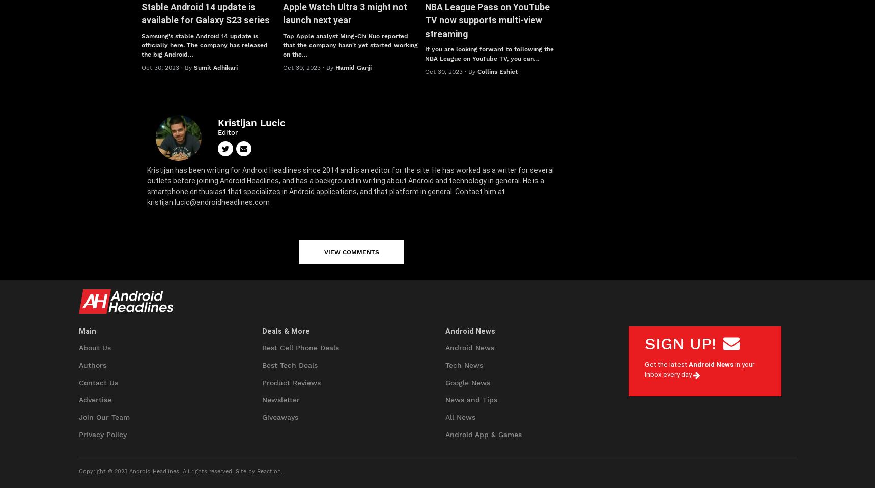  Describe the element at coordinates (477, 71) in the screenshot. I see `'Collins Eshiet'` at that location.